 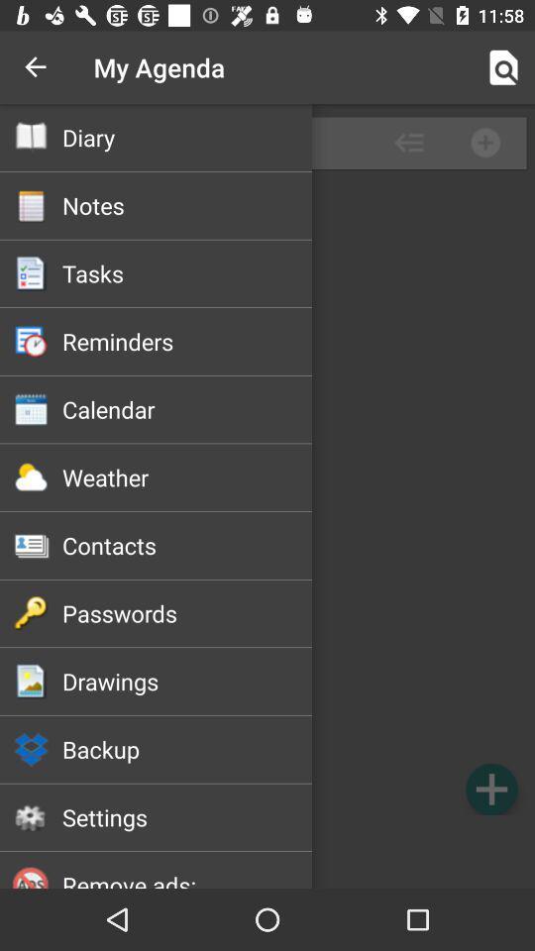 I want to click on tasks, so click(x=187, y=272).